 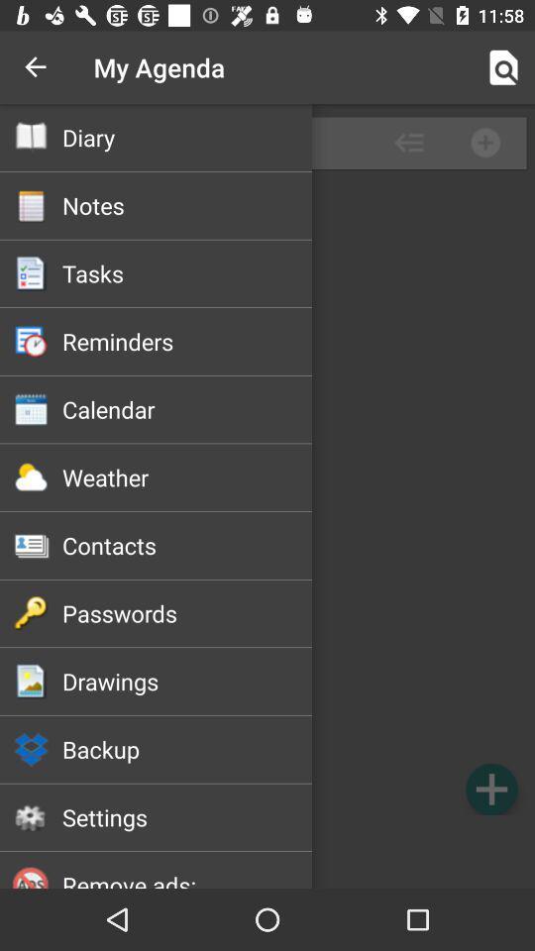 I want to click on tasks, so click(x=187, y=272).